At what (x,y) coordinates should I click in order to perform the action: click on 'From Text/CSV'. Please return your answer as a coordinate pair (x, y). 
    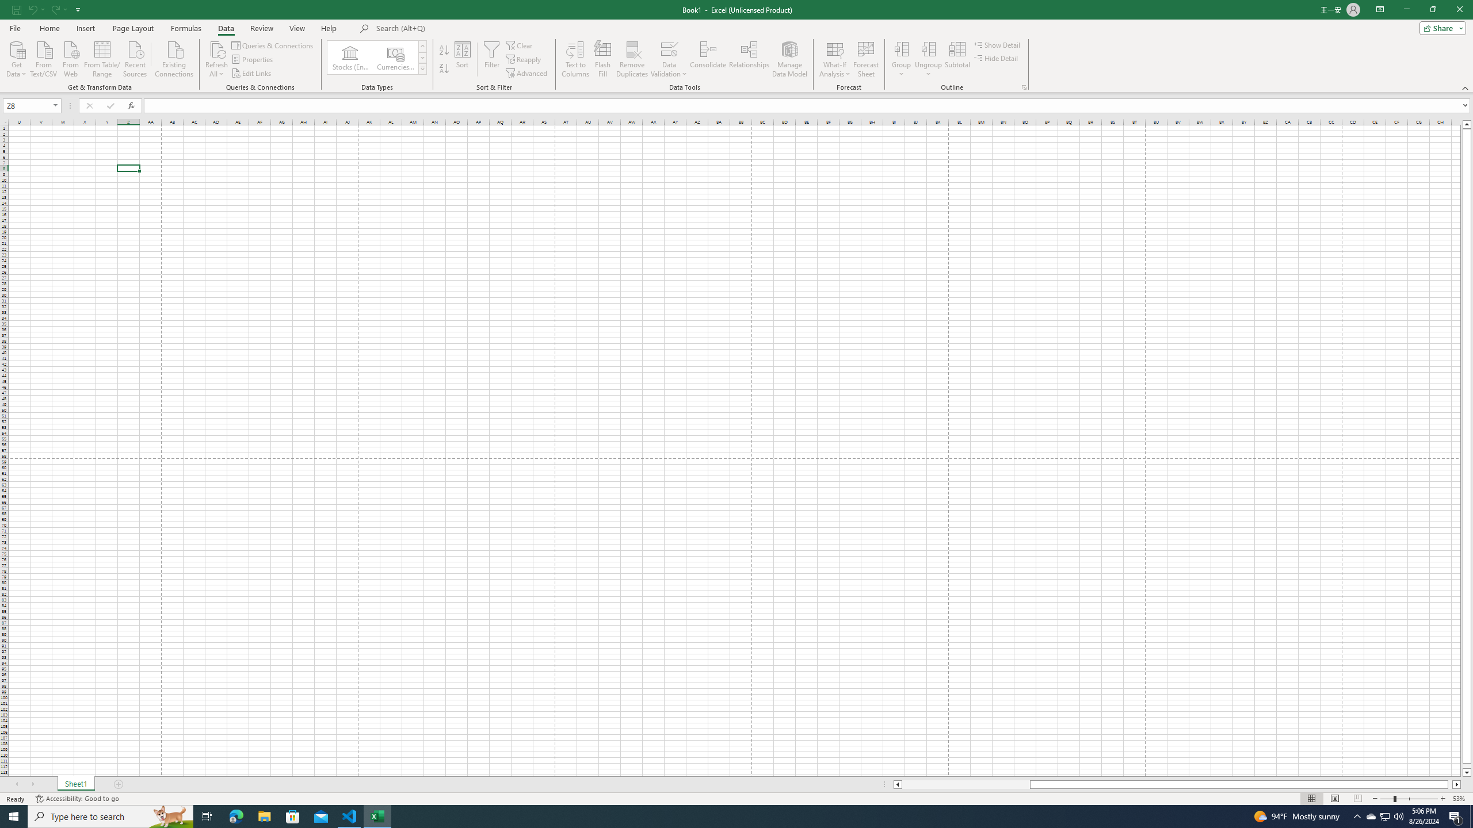
    Looking at the image, I should click on (44, 57).